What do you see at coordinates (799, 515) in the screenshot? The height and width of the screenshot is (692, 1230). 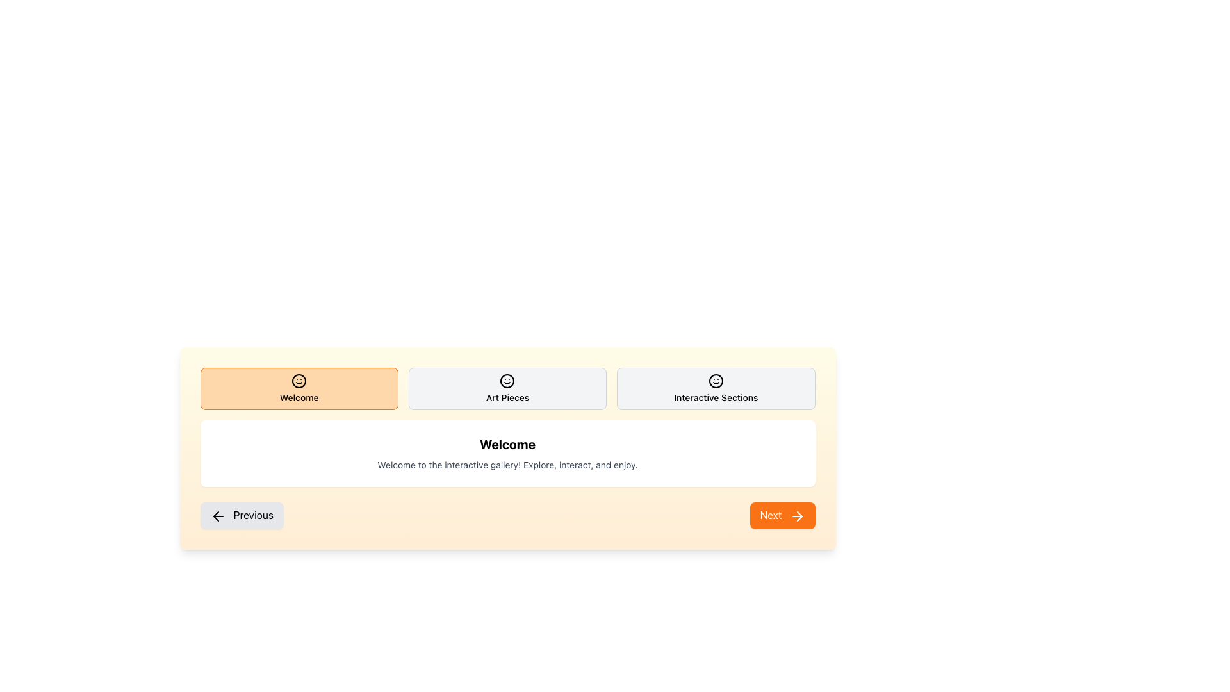 I see `the 'Next' icon (SVG) located in the bottom-right corner of the interface, which serves as a visual indicator for the 'Next' action in a sequence of steps or pages` at bounding box center [799, 515].